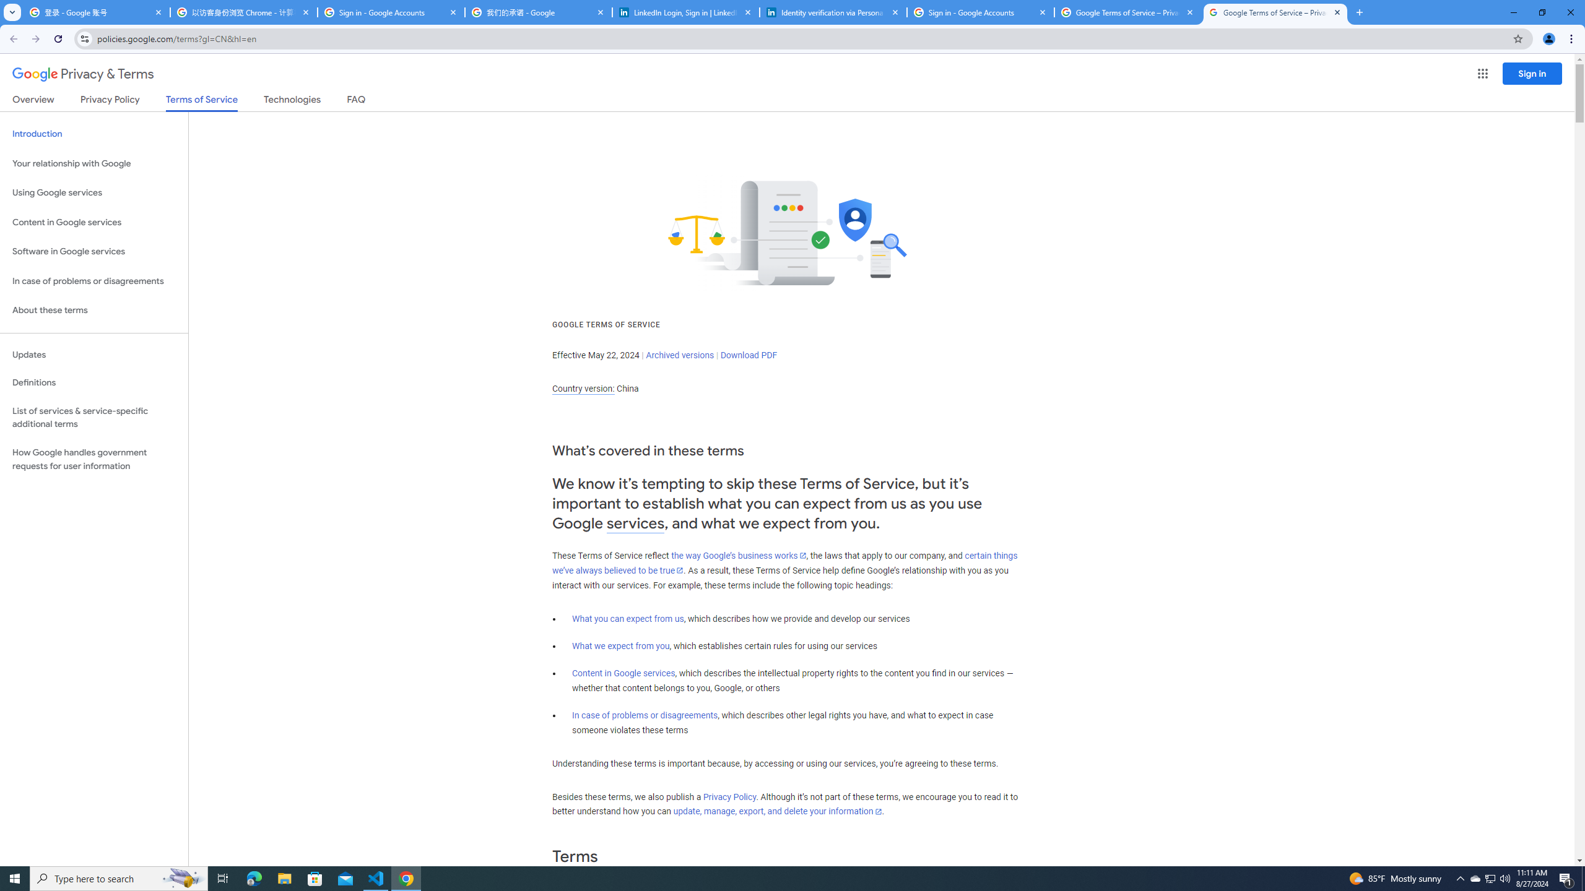 The image size is (1585, 891). Describe the element at coordinates (980, 12) in the screenshot. I see `'Sign in - Google Accounts'` at that location.